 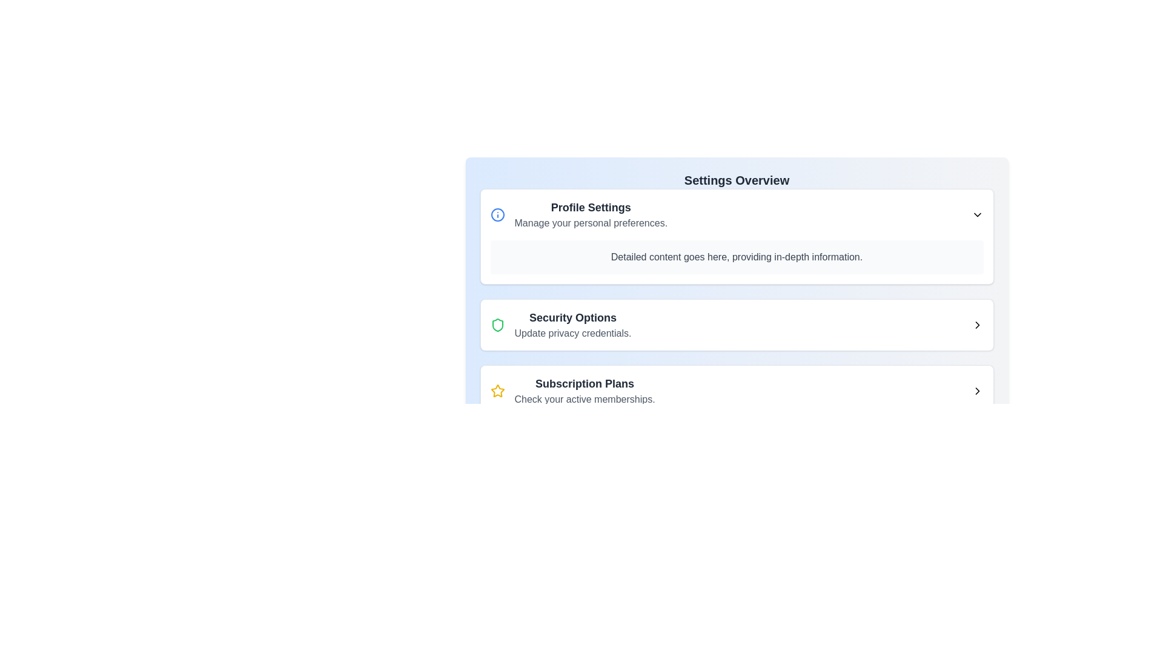 What do you see at coordinates (585, 383) in the screenshot?
I see `the Textual Header element that serves as the title for the subsection titled 'Subscription Plans', located above the text 'Check your active memberships'` at bounding box center [585, 383].